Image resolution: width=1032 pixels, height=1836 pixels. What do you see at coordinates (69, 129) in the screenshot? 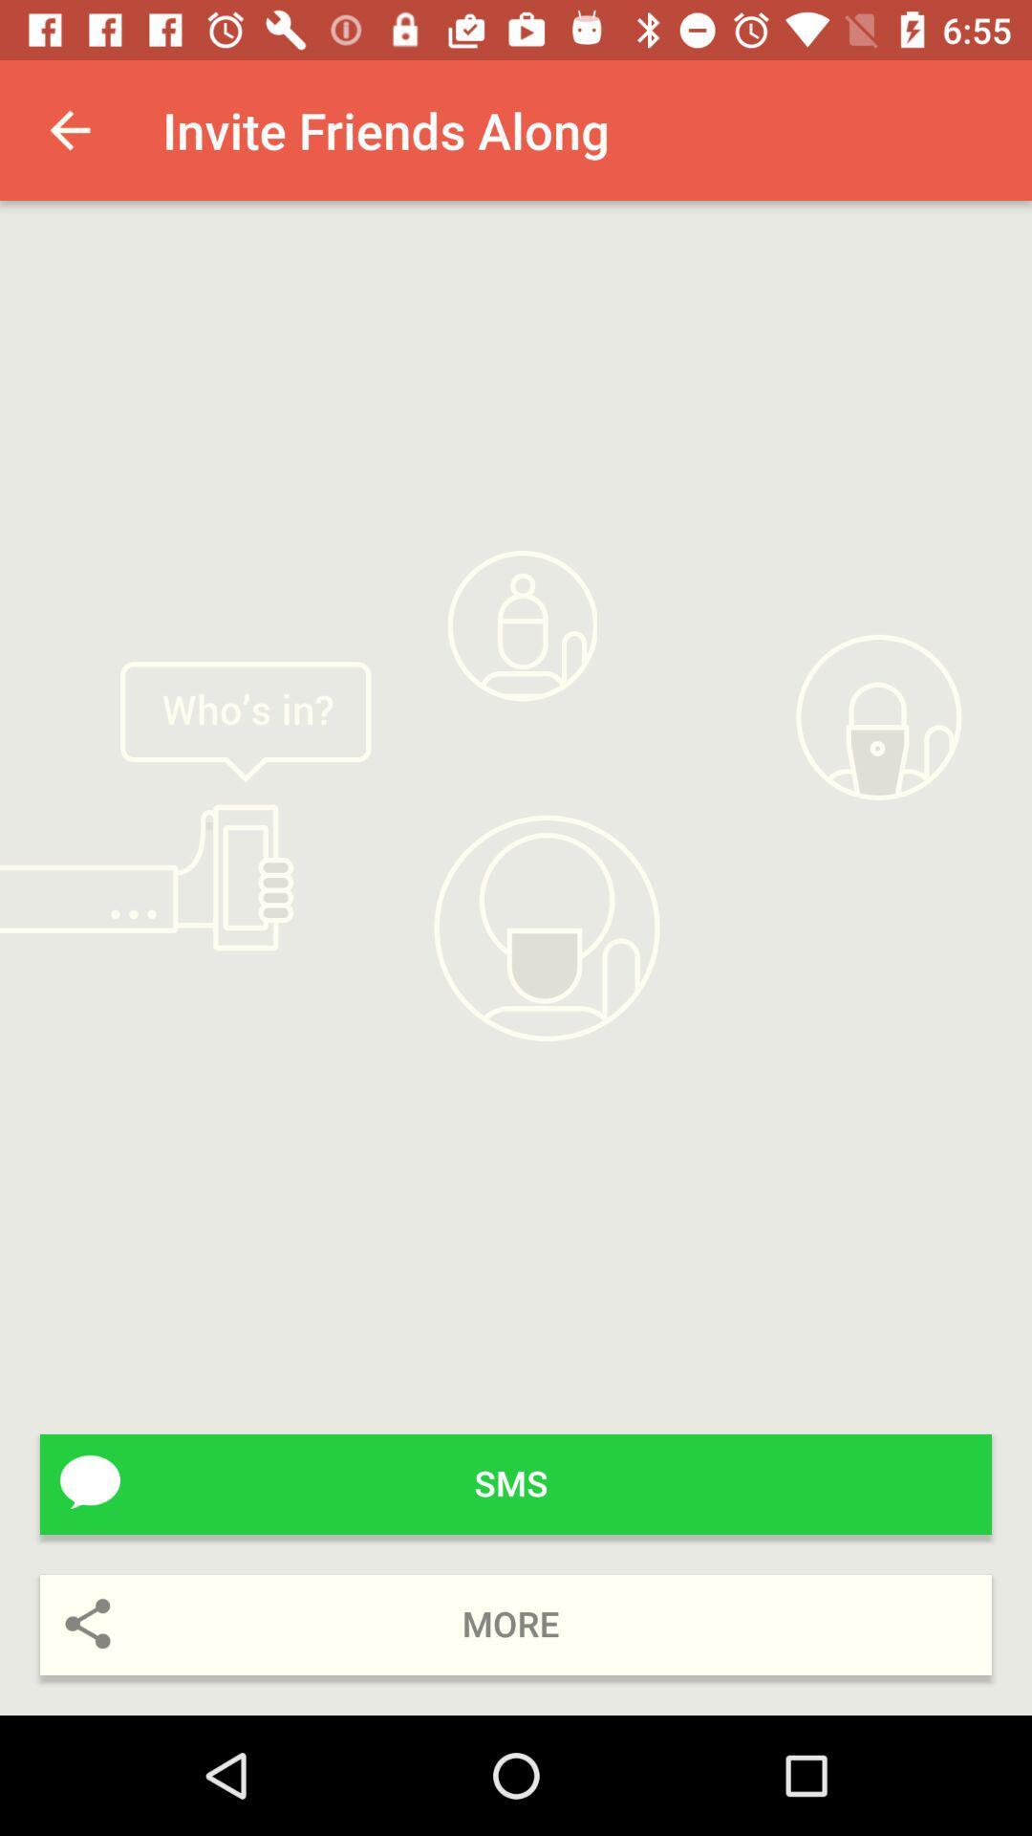
I see `app to the left of  invite friends along app` at bounding box center [69, 129].